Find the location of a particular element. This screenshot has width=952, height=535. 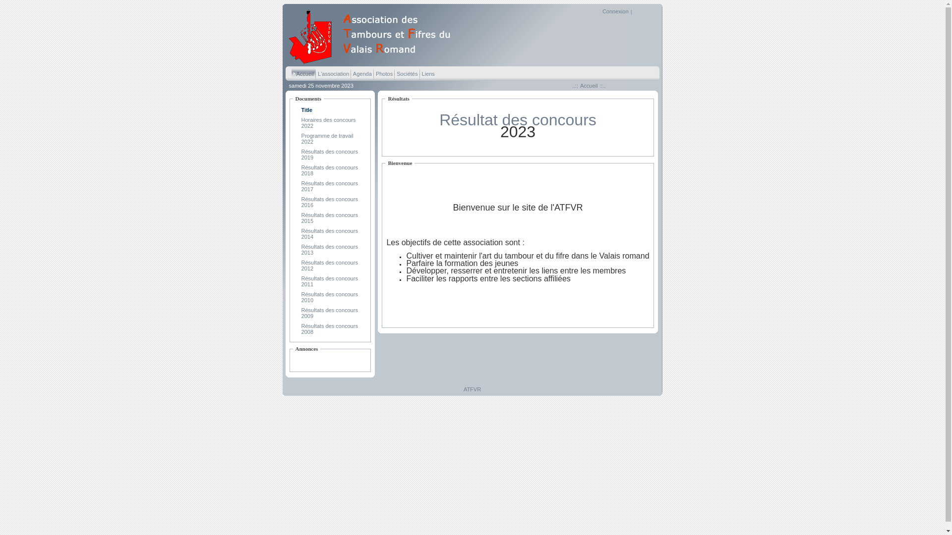

'Connexion' is located at coordinates (601, 11).